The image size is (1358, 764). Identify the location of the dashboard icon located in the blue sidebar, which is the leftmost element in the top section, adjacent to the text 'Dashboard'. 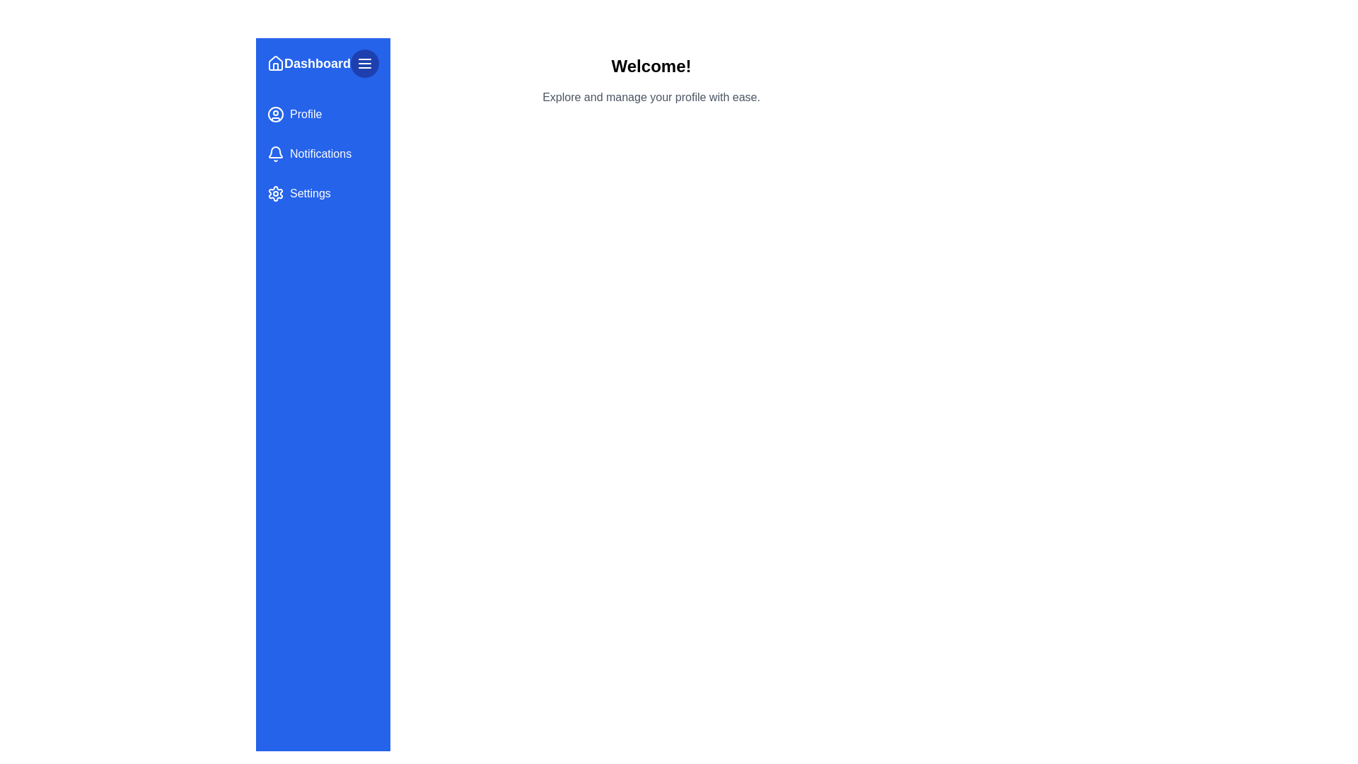
(275, 62).